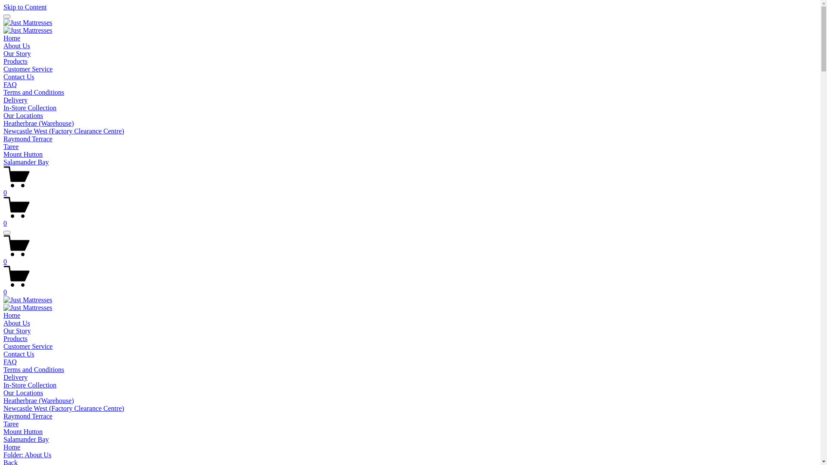 The width and height of the screenshot is (827, 465). Describe the element at coordinates (26, 162) in the screenshot. I see `'Salamander Bay'` at that location.